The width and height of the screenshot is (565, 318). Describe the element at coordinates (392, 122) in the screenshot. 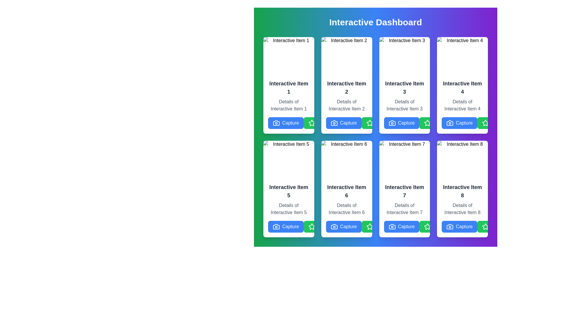

I see `the camera icon, which is a minimalistic representation with a rectangle body and a lens circle, located within the action buttons section of 'Interactive Item 3'` at that location.